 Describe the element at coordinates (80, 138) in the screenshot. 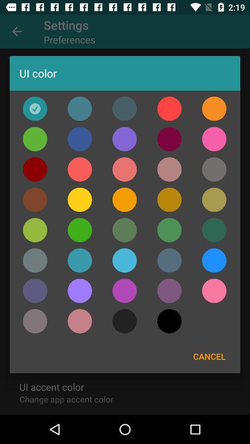

I see `ui color blue` at that location.